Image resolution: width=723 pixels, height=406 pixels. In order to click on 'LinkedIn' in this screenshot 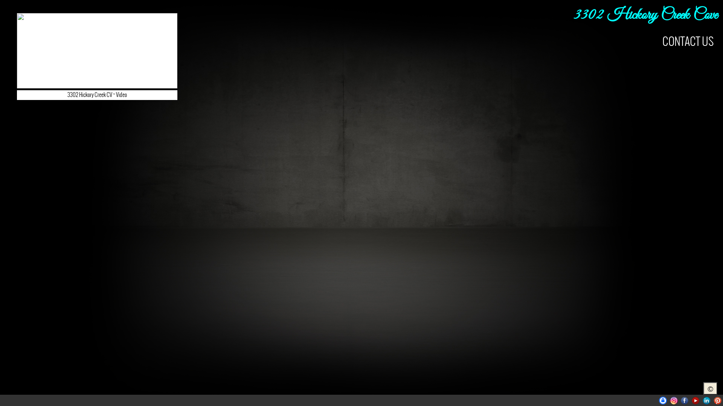, I will do `click(706, 400)`.